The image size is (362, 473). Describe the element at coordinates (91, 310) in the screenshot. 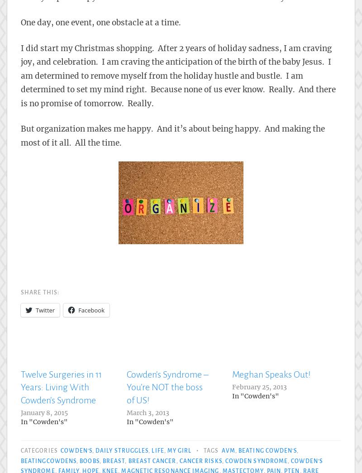

I see `'Facebook'` at that location.